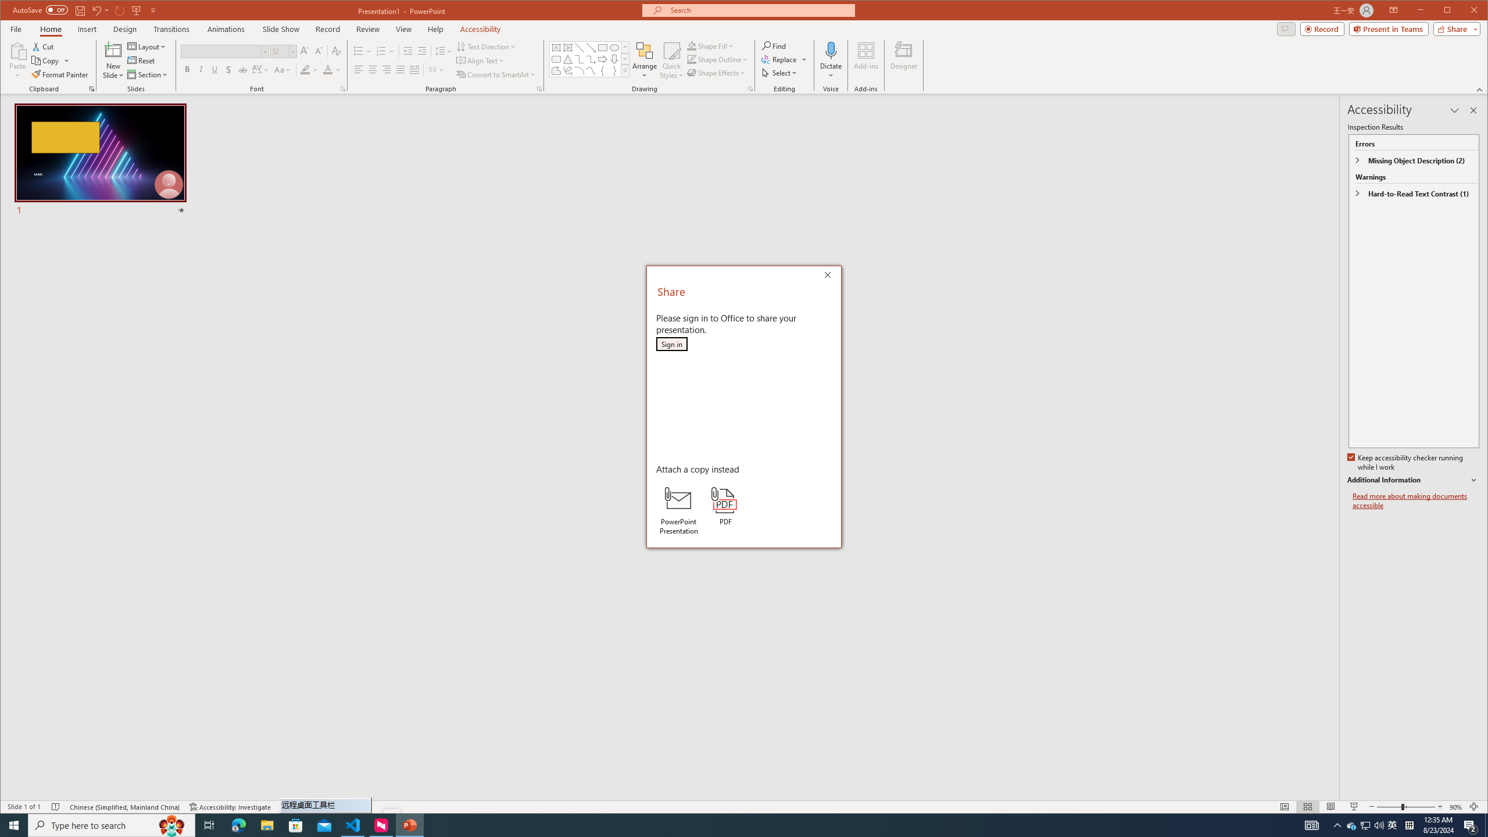 The image size is (1488, 837). What do you see at coordinates (436, 69) in the screenshot?
I see `'Columns'` at bounding box center [436, 69].